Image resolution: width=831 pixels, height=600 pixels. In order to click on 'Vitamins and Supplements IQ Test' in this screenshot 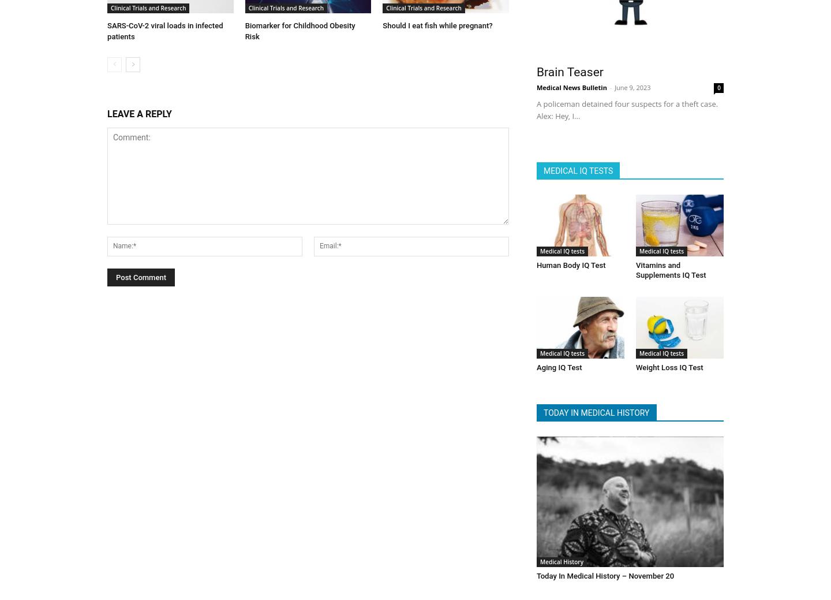, I will do `click(670, 266)`.